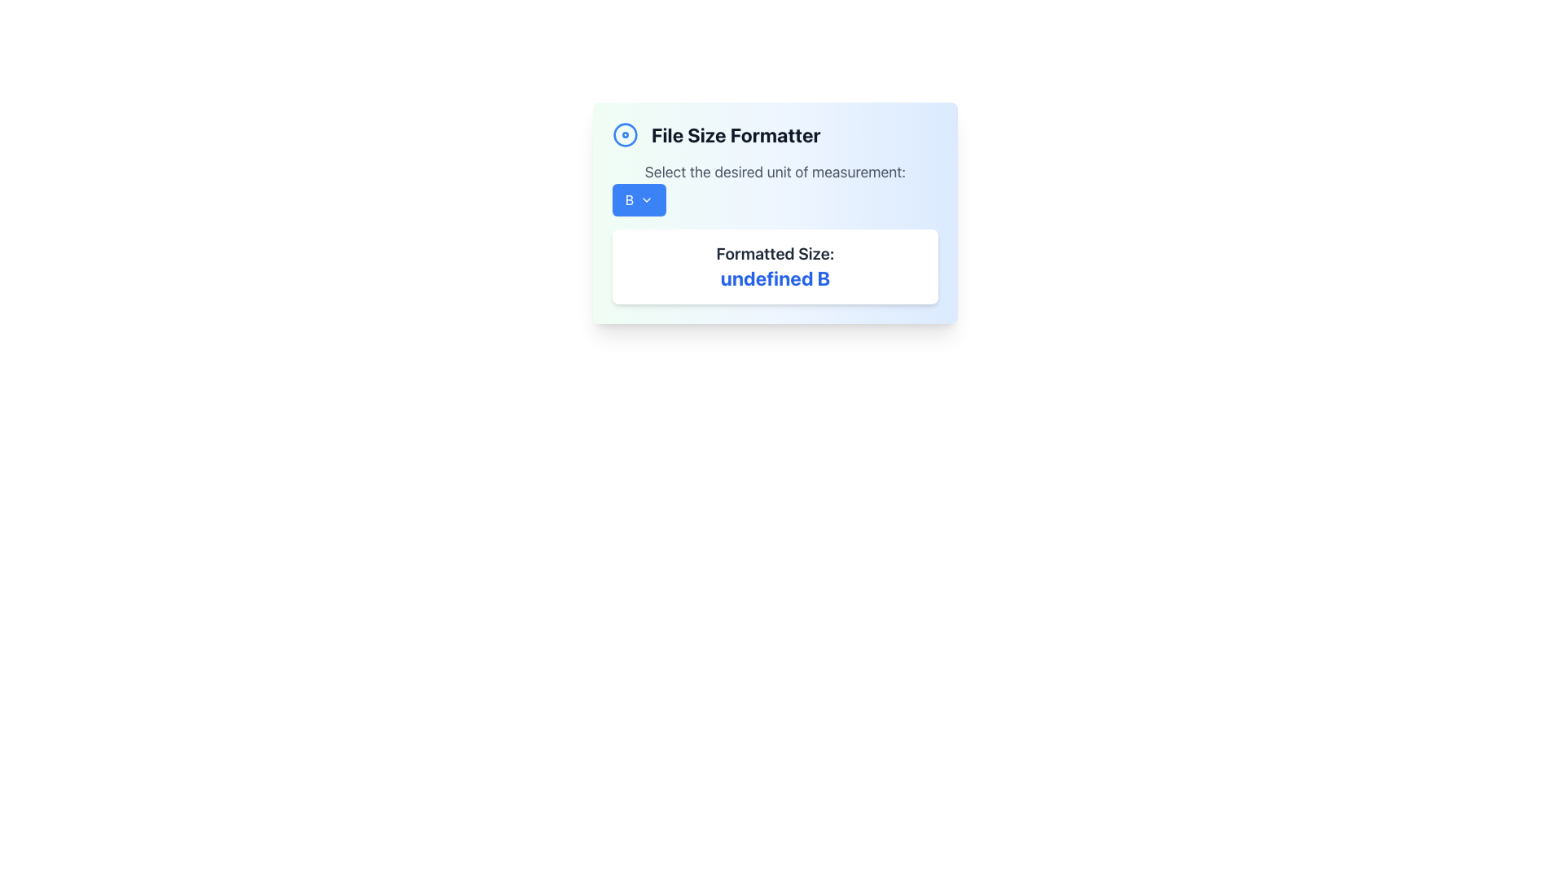 The height and width of the screenshot is (879, 1564). Describe the element at coordinates (629, 199) in the screenshot. I see `text label that indicates the category of the button located in the upper area of the modal dialog box, which is centrally positioned within the button next to a dropdown arrow icon` at that location.